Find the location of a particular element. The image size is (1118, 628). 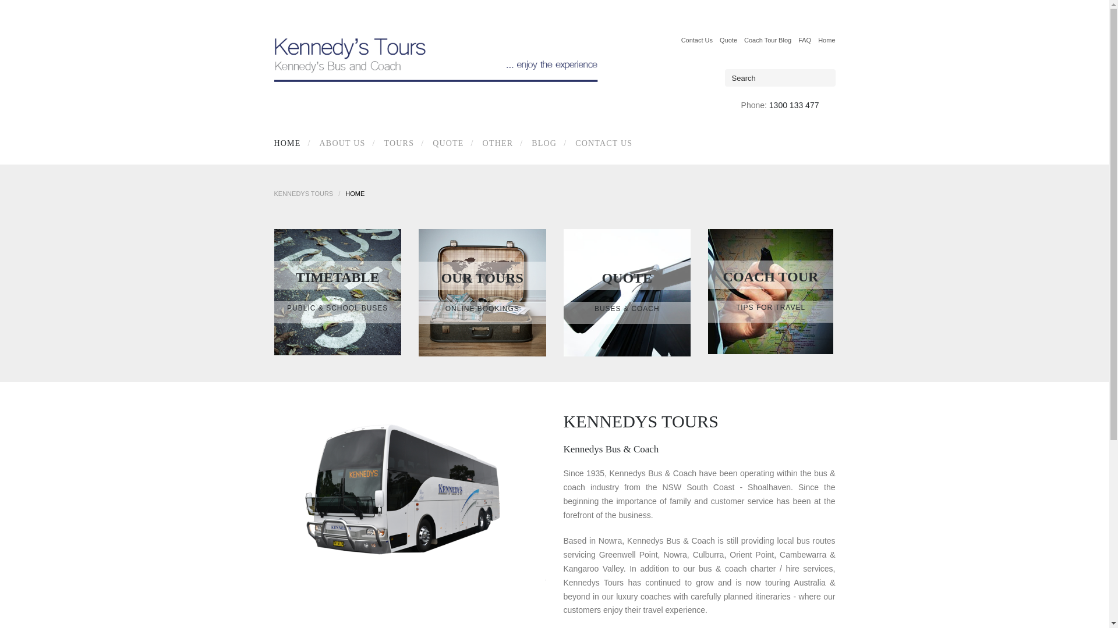

'Quote' is located at coordinates (719, 40).